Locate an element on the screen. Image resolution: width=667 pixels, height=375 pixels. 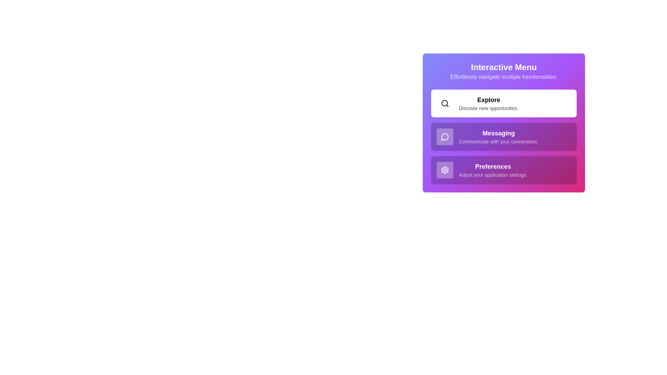
the menu item corresponding to Explore to observe its hover effect is located at coordinates (504, 103).